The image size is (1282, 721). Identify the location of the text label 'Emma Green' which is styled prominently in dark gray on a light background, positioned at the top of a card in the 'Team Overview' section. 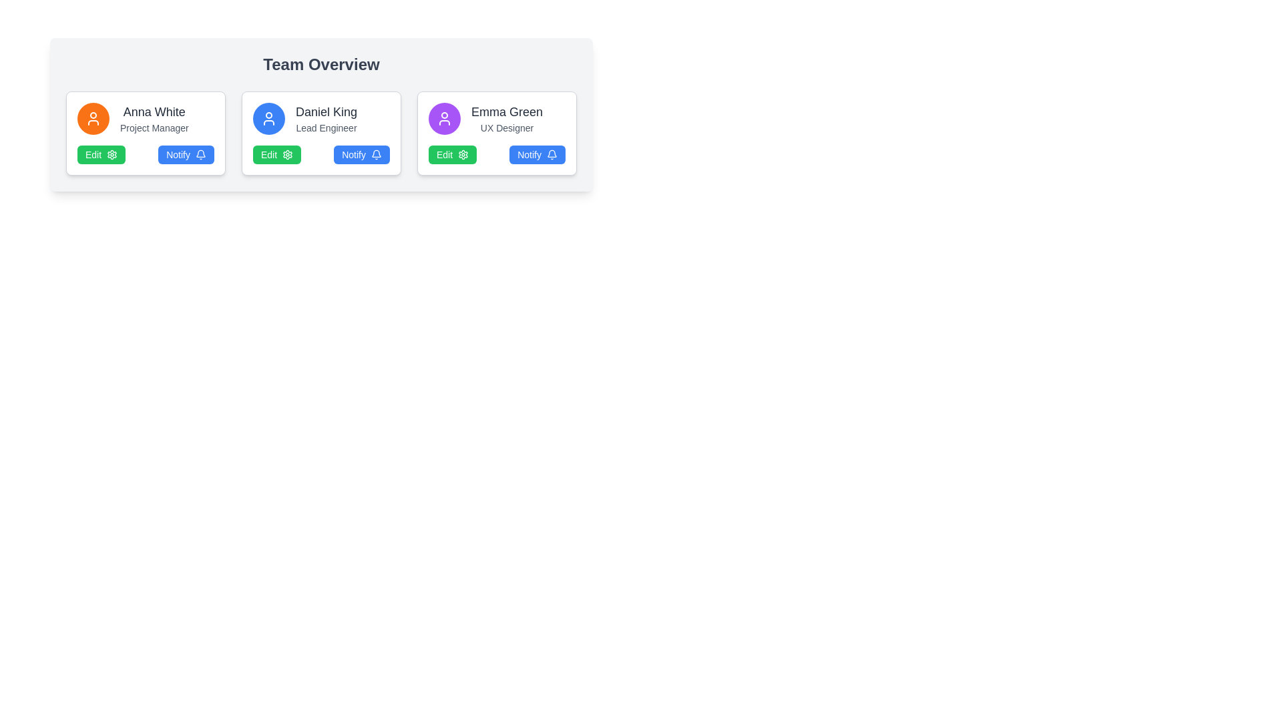
(506, 111).